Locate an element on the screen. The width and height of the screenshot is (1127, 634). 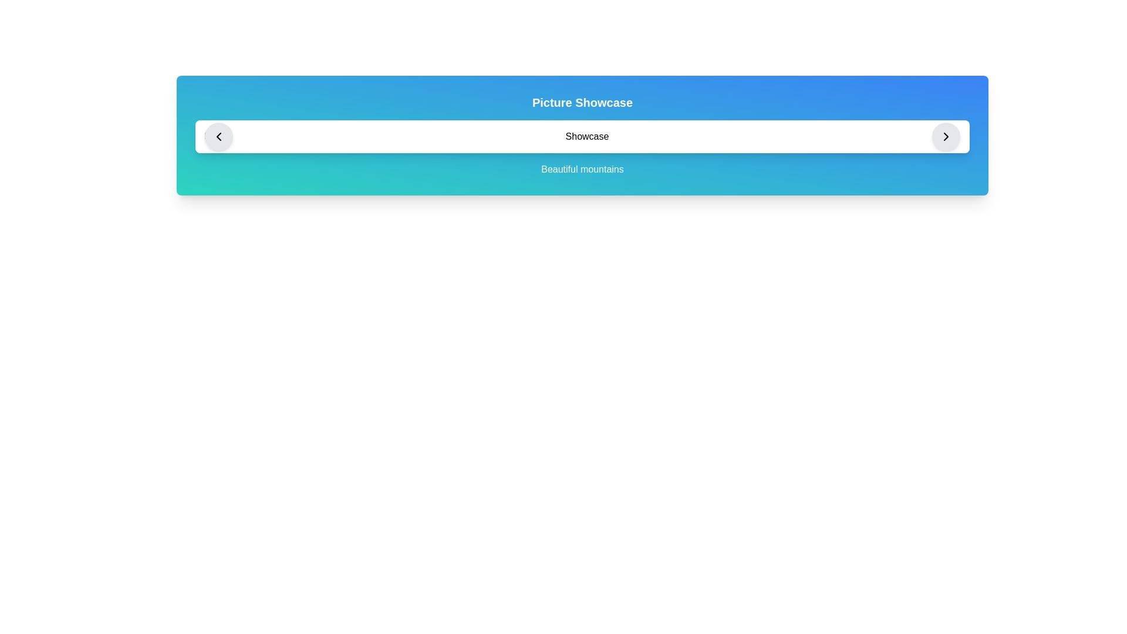
the Chevron-left icon button located on the left side of the horizontal panel is located at coordinates (219, 136).